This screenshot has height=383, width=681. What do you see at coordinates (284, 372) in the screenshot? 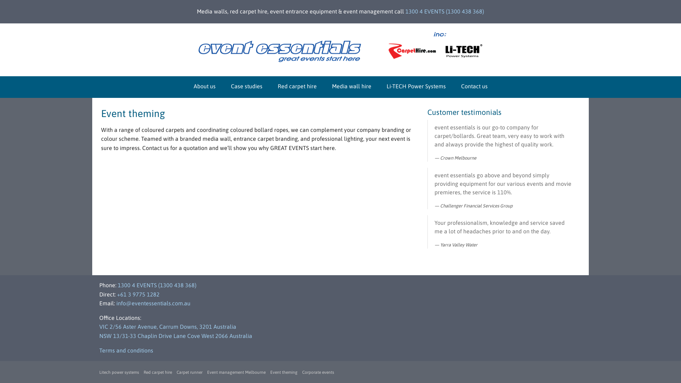
I see `'Event theming'` at bounding box center [284, 372].